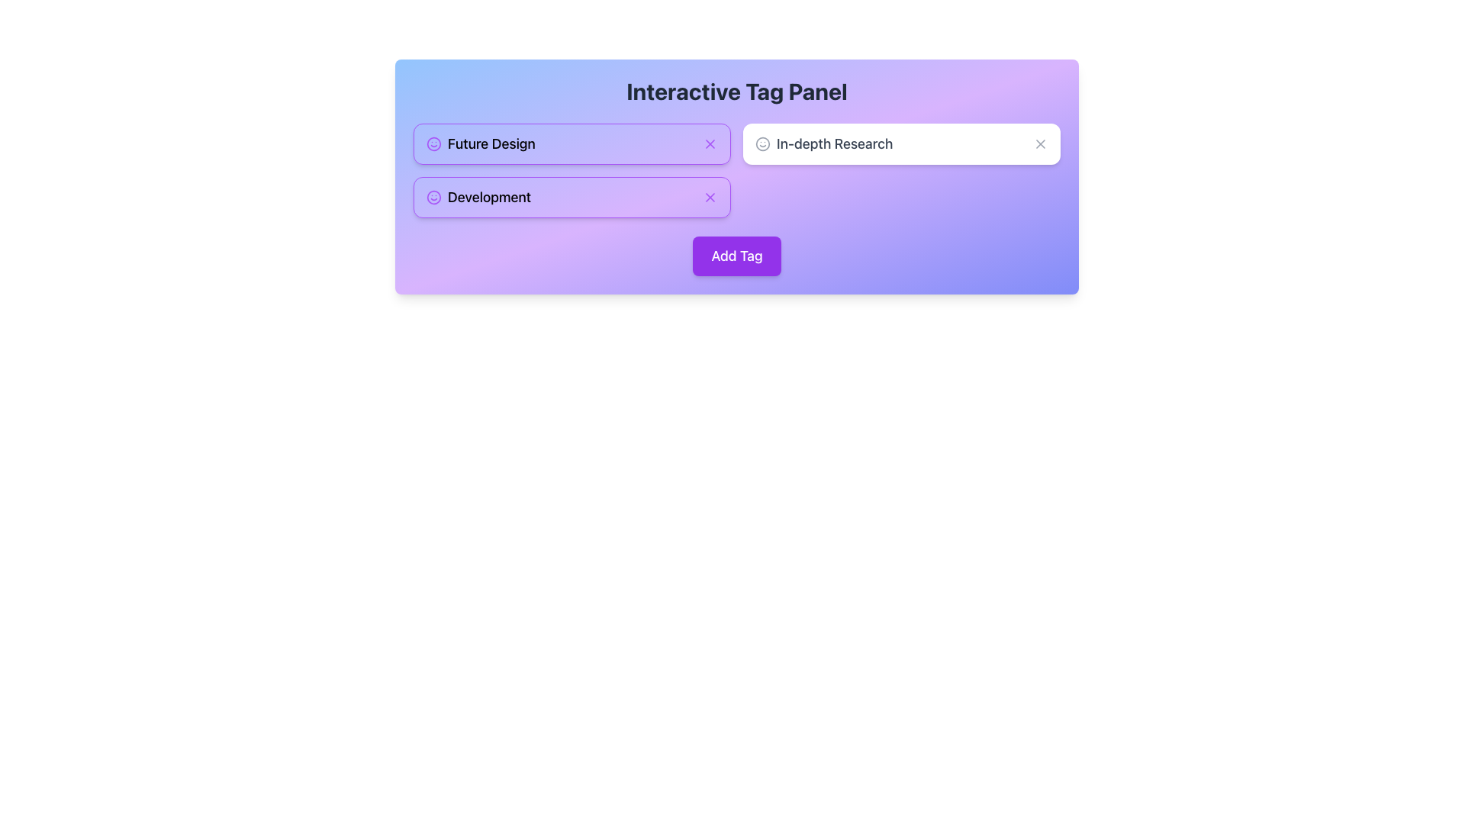  What do you see at coordinates (762, 144) in the screenshot?
I see `the circular icon representing a smiley face located inside the 'In-depth Research' tag on the right side of the interactive panel` at bounding box center [762, 144].